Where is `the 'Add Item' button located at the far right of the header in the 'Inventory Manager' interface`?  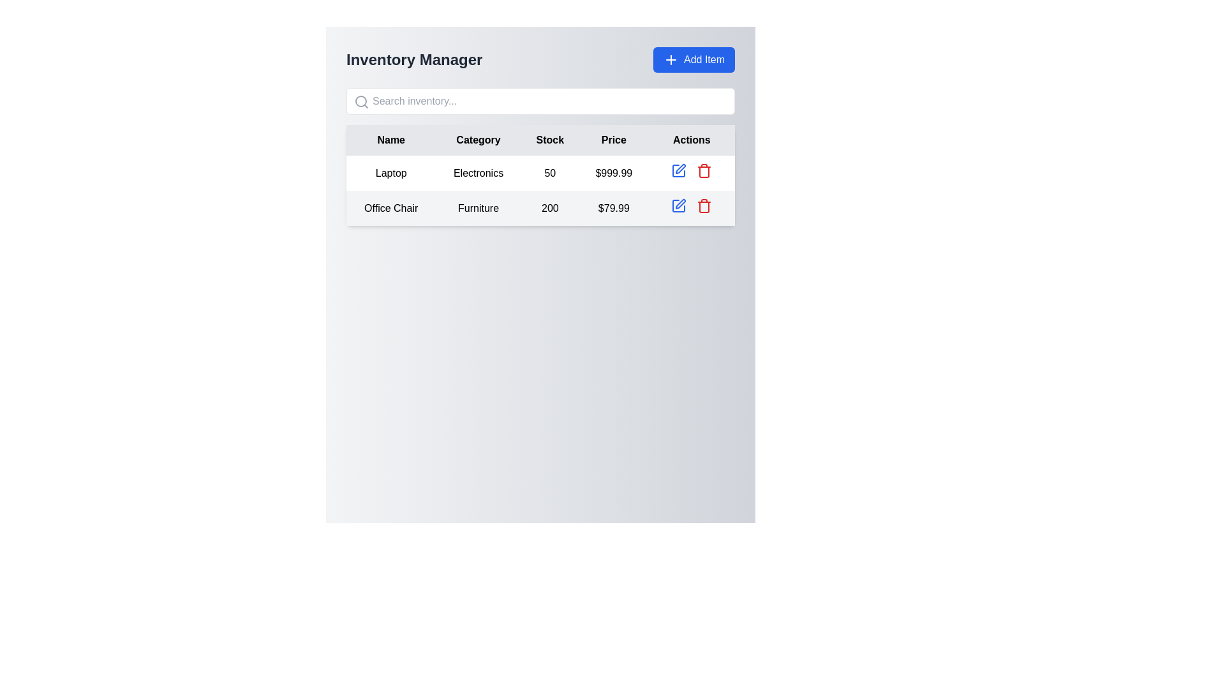
the 'Add Item' button located at the far right of the header in the 'Inventory Manager' interface is located at coordinates (694, 59).